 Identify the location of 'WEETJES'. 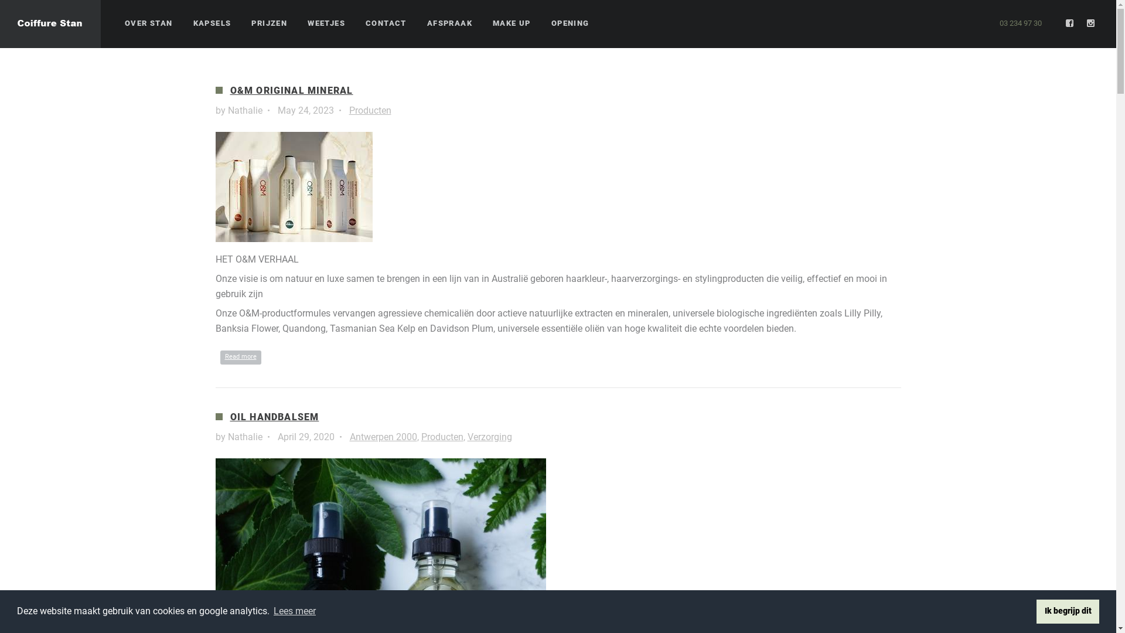
(326, 23).